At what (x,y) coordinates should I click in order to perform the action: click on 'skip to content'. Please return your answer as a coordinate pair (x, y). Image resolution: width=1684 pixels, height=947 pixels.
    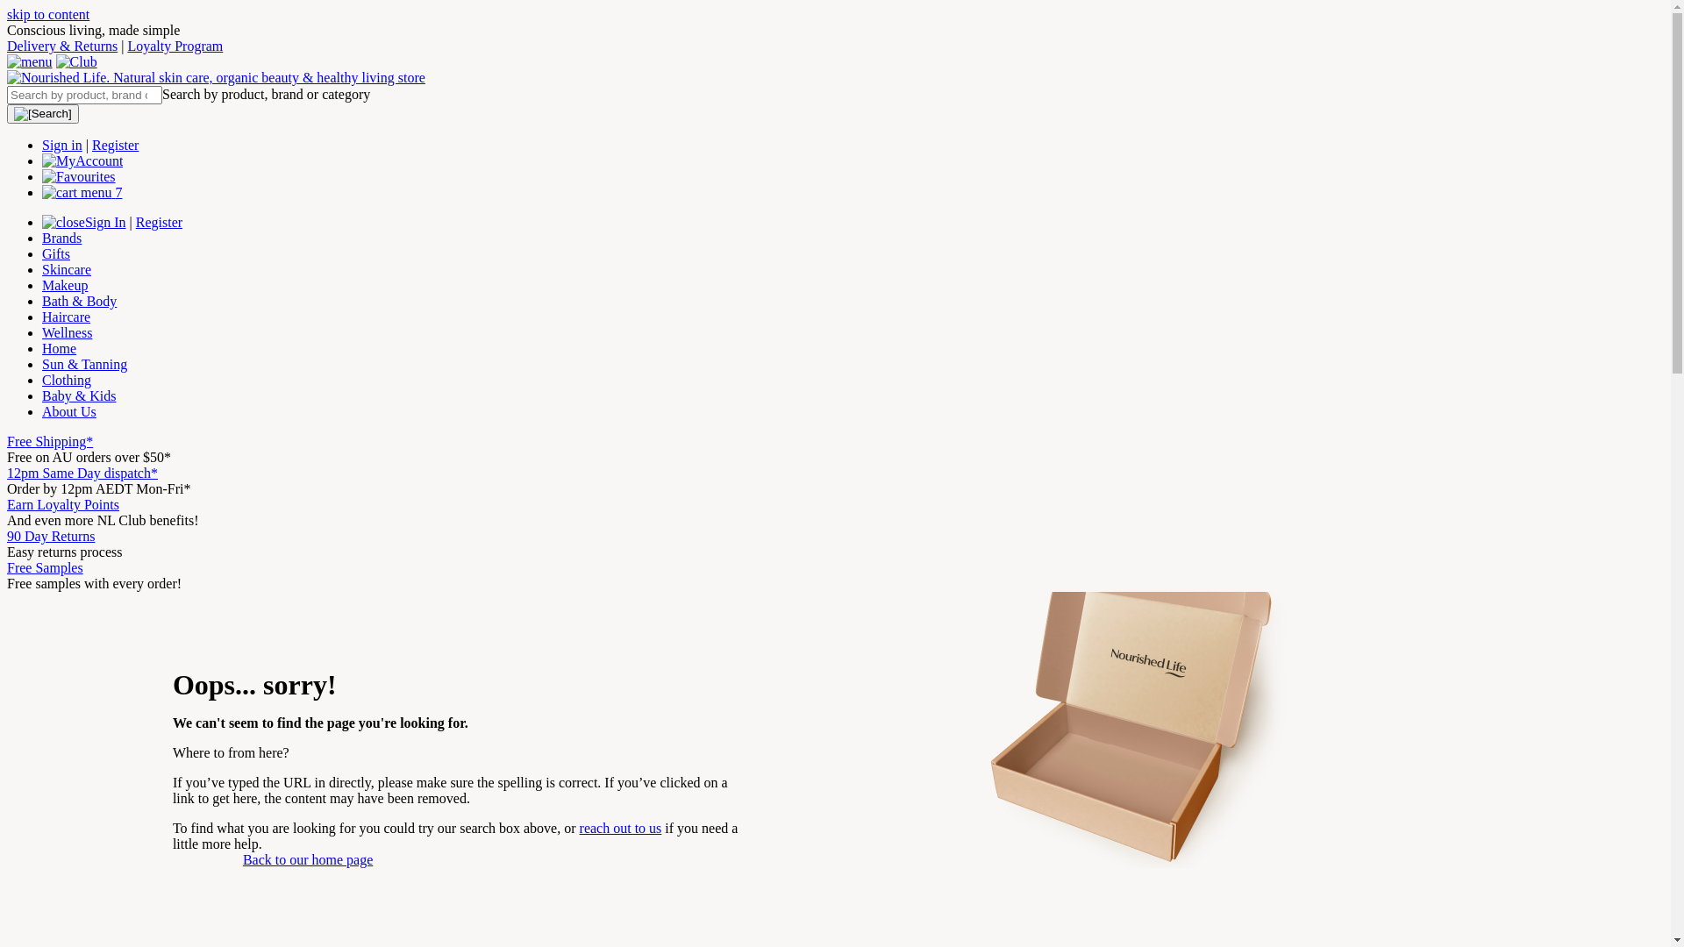
    Looking at the image, I should click on (47, 14).